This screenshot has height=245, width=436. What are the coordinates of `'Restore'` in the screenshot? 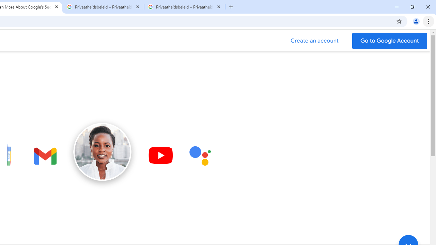 It's located at (412, 7).